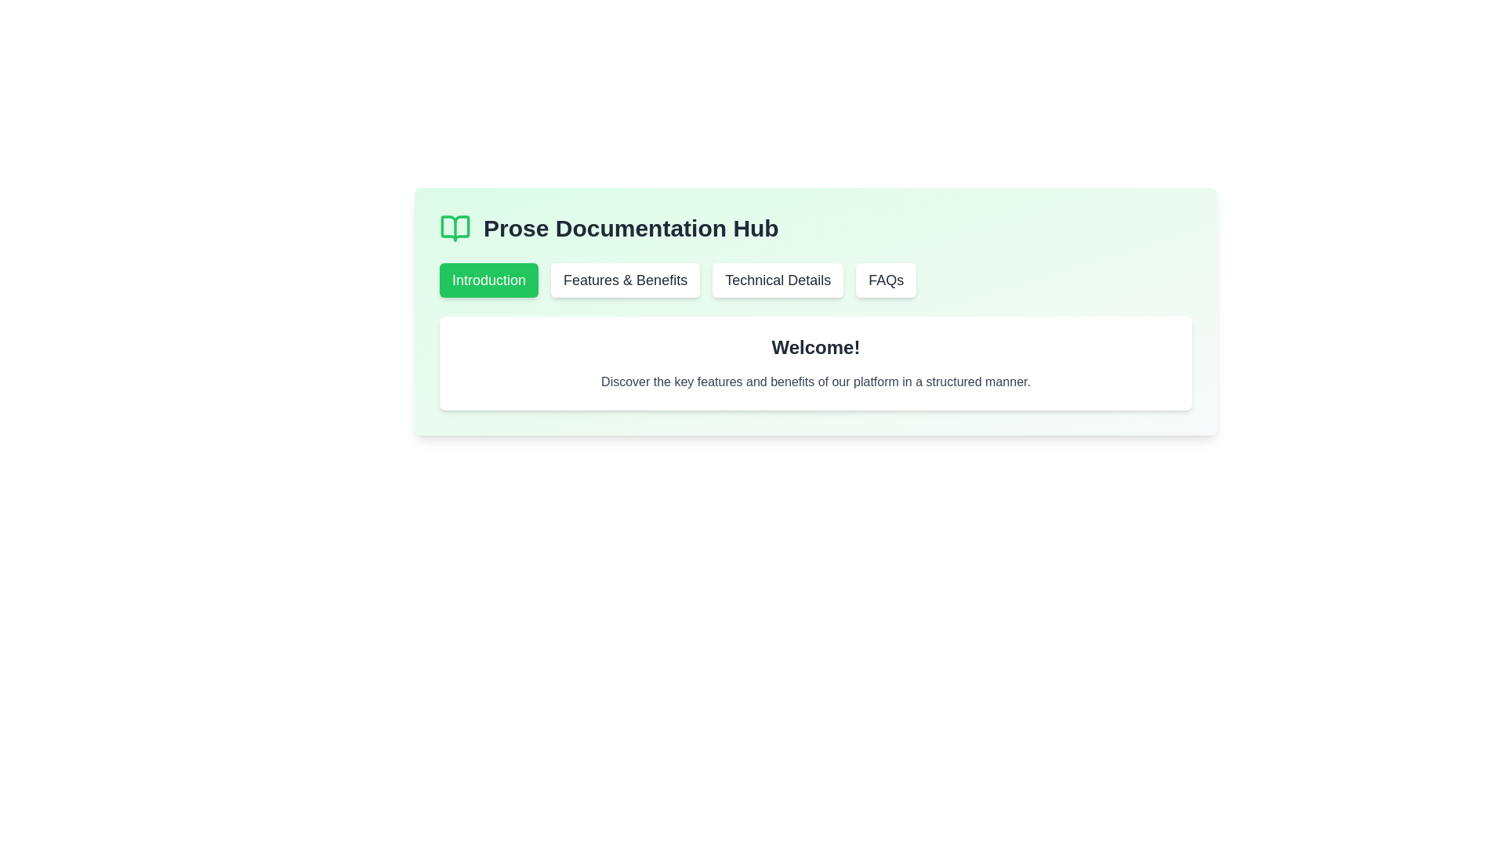 This screenshot has height=846, width=1505. What do you see at coordinates (454, 229) in the screenshot?
I see `the decorative graphical icon, which is the left half of the book-shaped icon next to the 'Prose Documentation Hub' text in the header section` at bounding box center [454, 229].